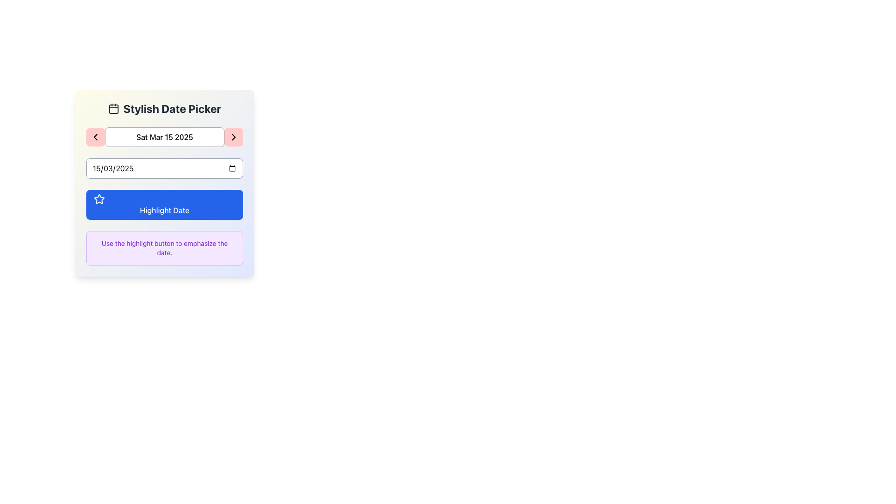 The image size is (896, 504). Describe the element at coordinates (165, 248) in the screenshot. I see `the Informational Text Box that provides guidance for using the highlight button, located below the 'Highlight Date' button` at that location.